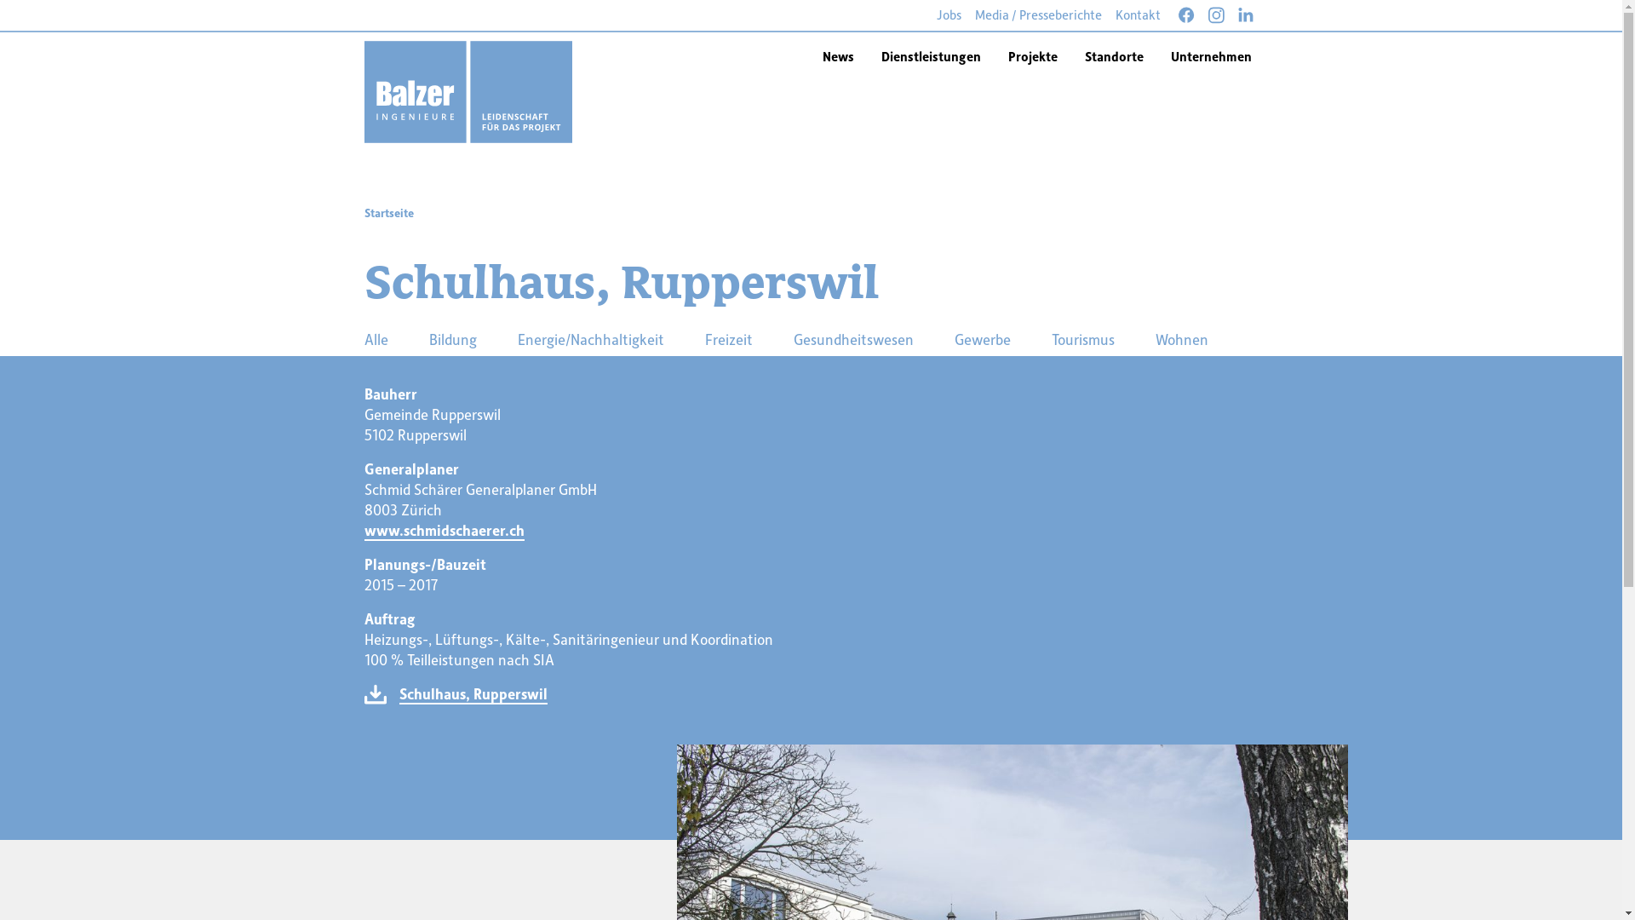 Image resolution: width=1635 pixels, height=920 pixels. I want to click on 'Energie/Nachhaltigkeit', so click(591, 338).